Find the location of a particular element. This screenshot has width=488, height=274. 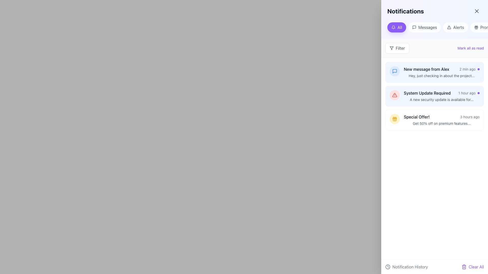

the 'Mark all as read' clickable text link located in the upper-right corner of the interface is located at coordinates (470, 48).